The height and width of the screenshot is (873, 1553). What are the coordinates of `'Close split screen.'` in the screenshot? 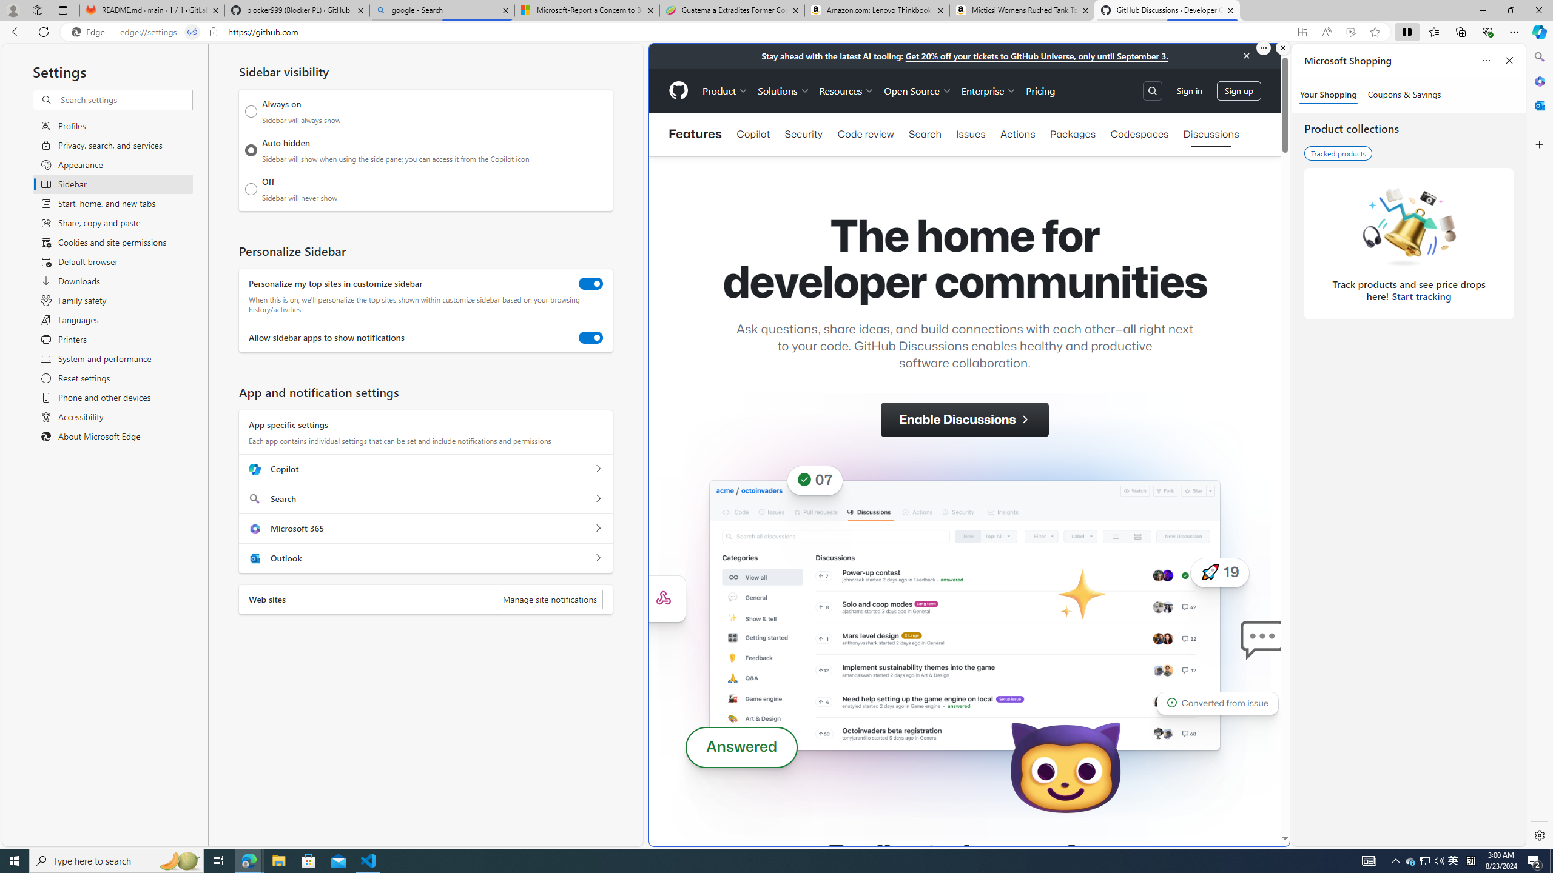 It's located at (1282, 47).